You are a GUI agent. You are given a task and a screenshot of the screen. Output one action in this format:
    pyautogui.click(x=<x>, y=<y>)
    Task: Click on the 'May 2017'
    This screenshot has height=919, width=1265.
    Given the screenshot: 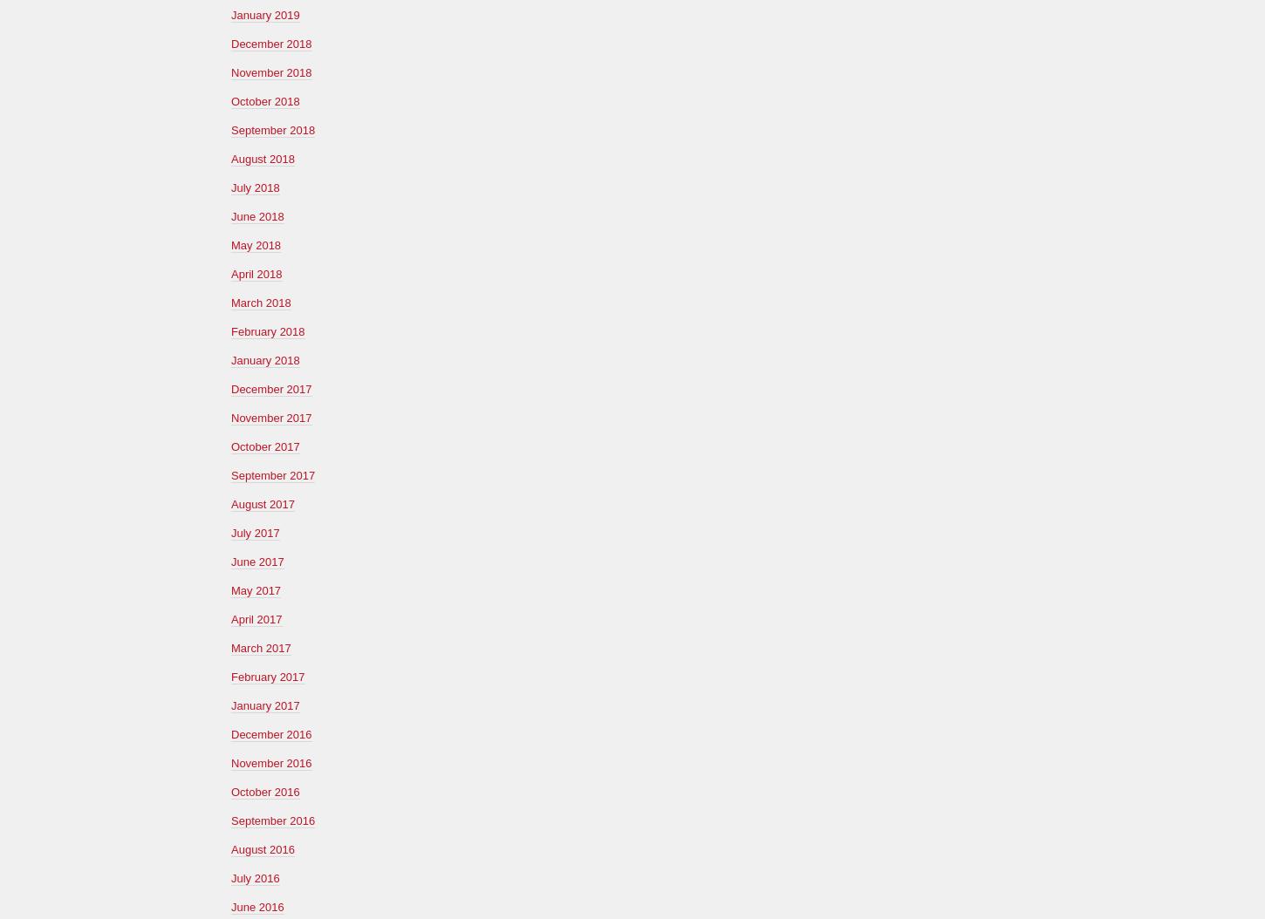 What is the action you would take?
    pyautogui.click(x=256, y=589)
    